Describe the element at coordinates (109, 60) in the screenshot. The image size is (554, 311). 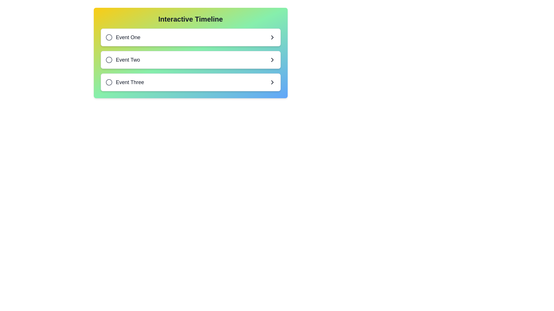
I see `the circular outline icon positioned to the left of the text 'Event Two'` at that location.